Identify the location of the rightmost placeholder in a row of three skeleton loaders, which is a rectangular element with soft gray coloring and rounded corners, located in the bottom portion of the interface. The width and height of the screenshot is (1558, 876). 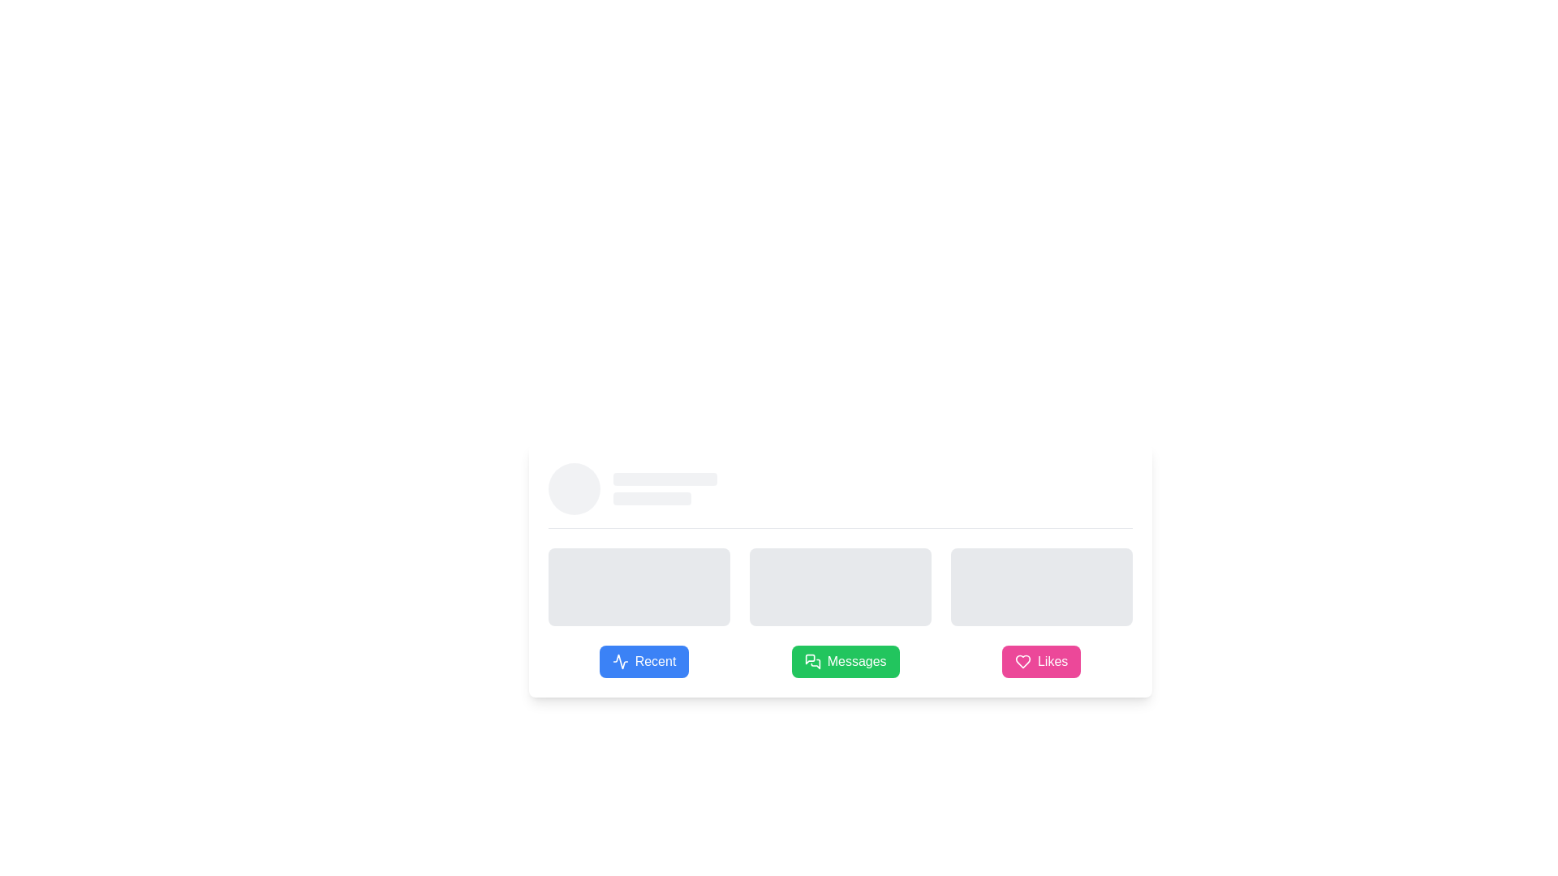
(1041, 587).